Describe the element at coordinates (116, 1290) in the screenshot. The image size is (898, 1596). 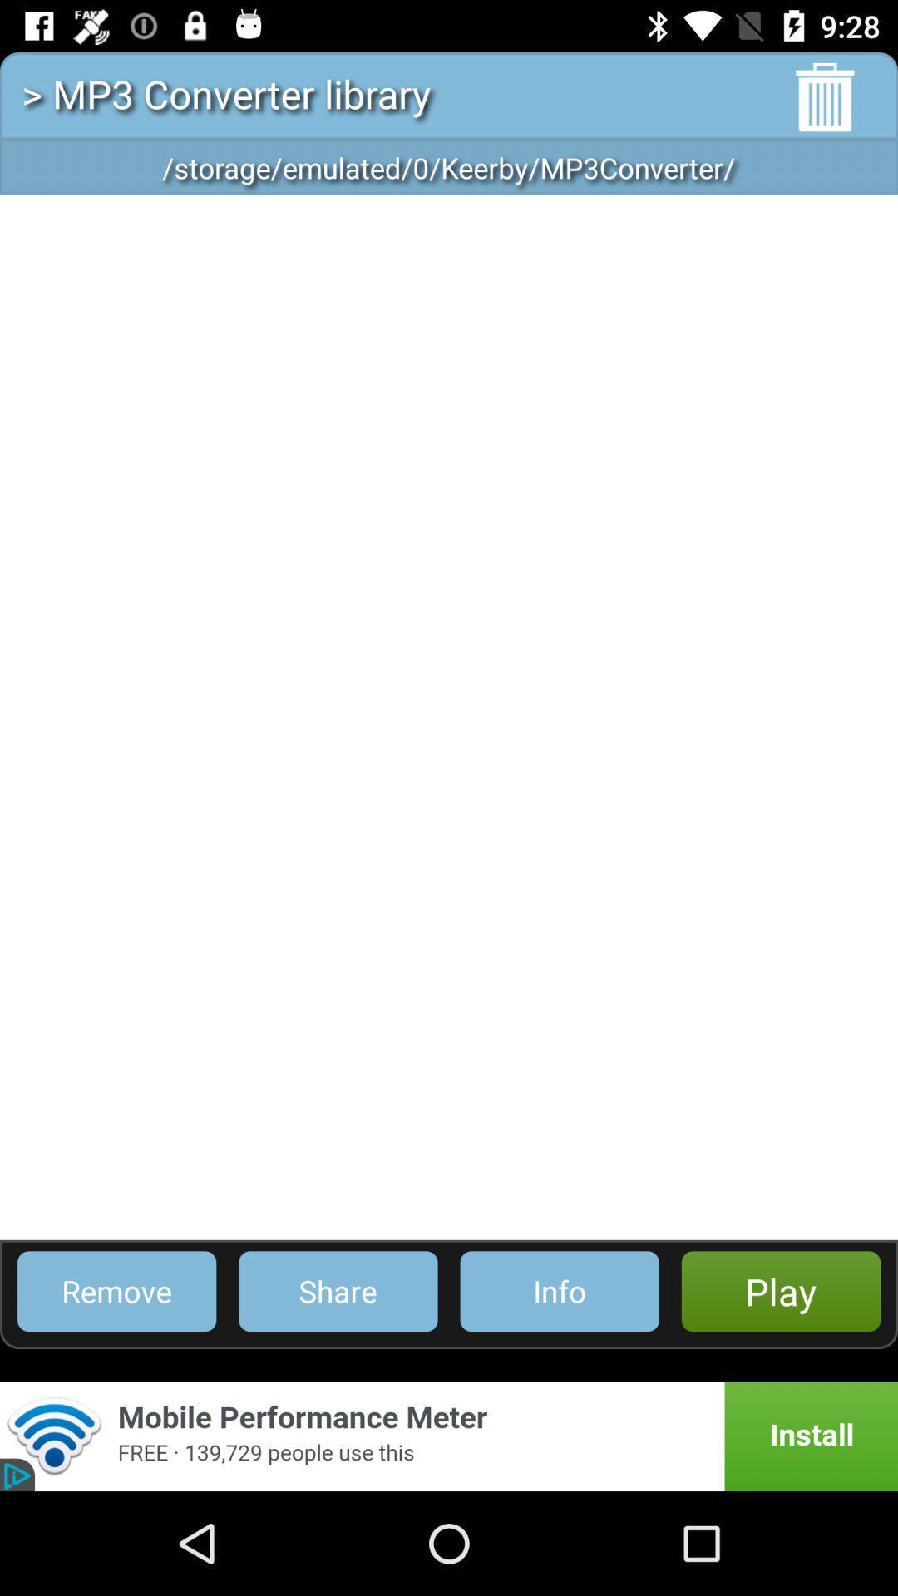
I see `app at the bottom left corner` at that location.